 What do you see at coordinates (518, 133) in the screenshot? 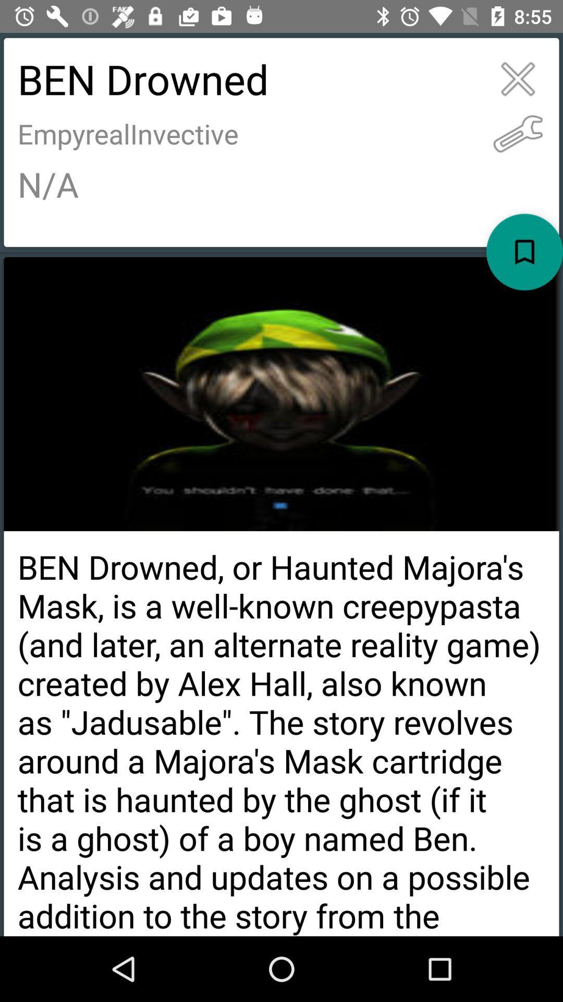
I see `icon to the right of the ben drowned icon` at bounding box center [518, 133].